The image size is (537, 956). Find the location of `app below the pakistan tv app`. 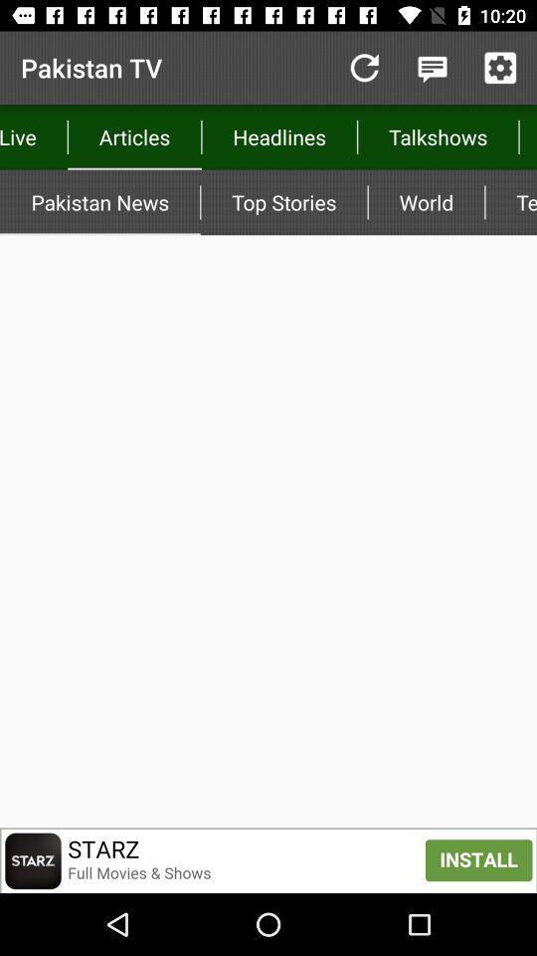

app below the pakistan tv app is located at coordinates (134, 135).